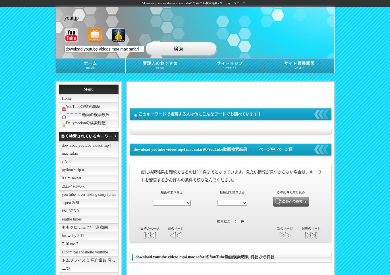  Describe the element at coordinates (62, 236) in the screenshot. I see `'huawei y 5 11'` at that location.